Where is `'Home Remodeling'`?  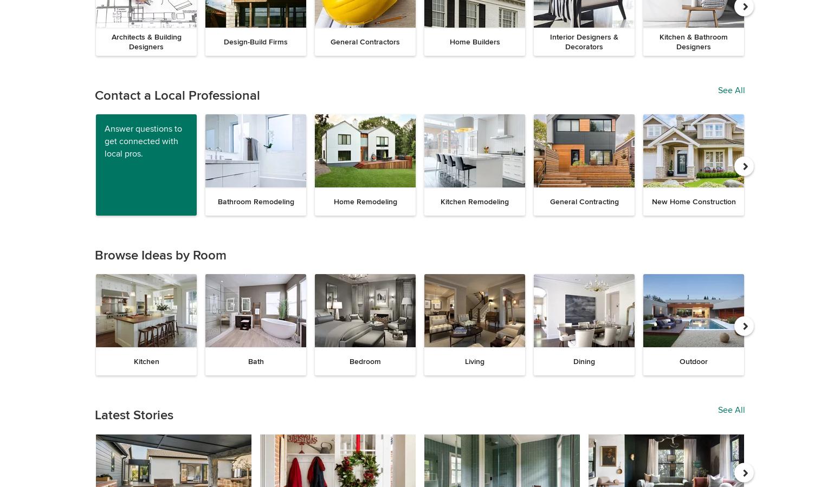
'Home Remodeling' is located at coordinates (364, 201).